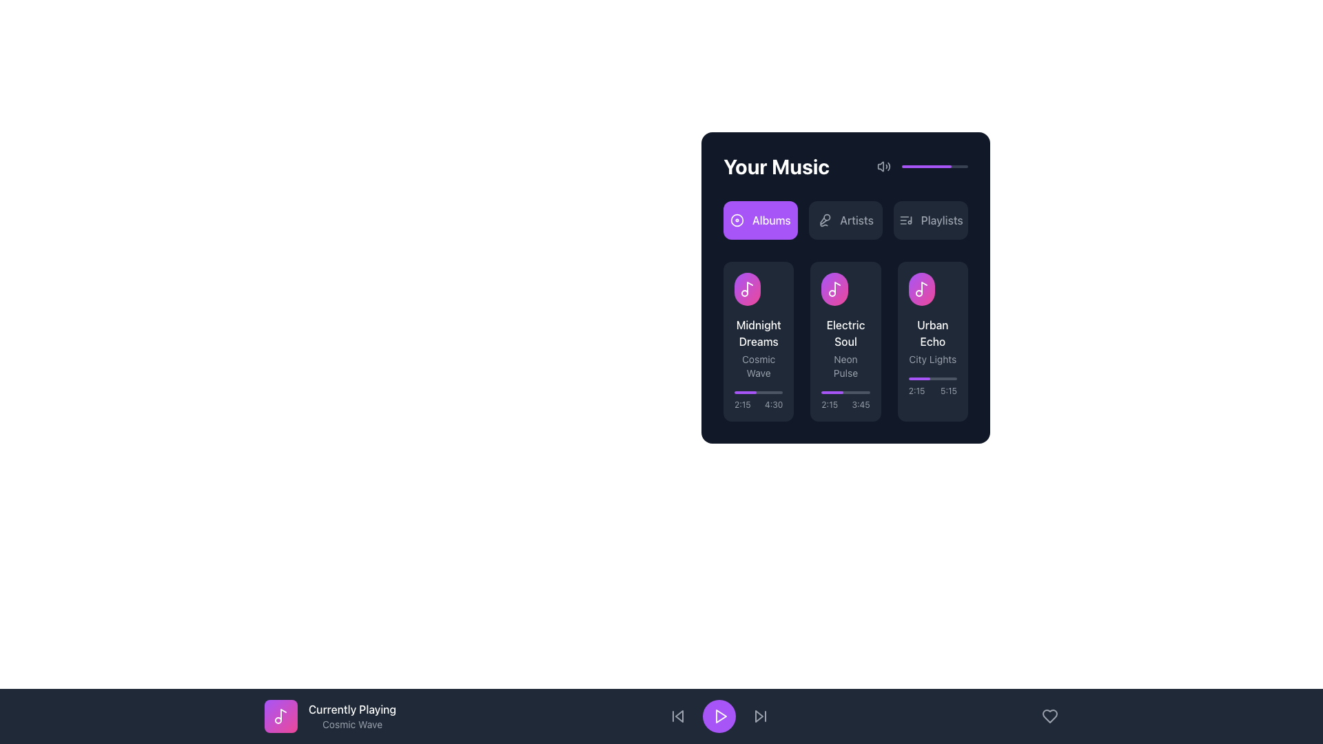 This screenshot has height=744, width=1323. What do you see at coordinates (758, 393) in the screenshot?
I see `the progress bar located at the bottom of the song details section for 'Electric Soul' to seek to a specific time in the song` at bounding box center [758, 393].